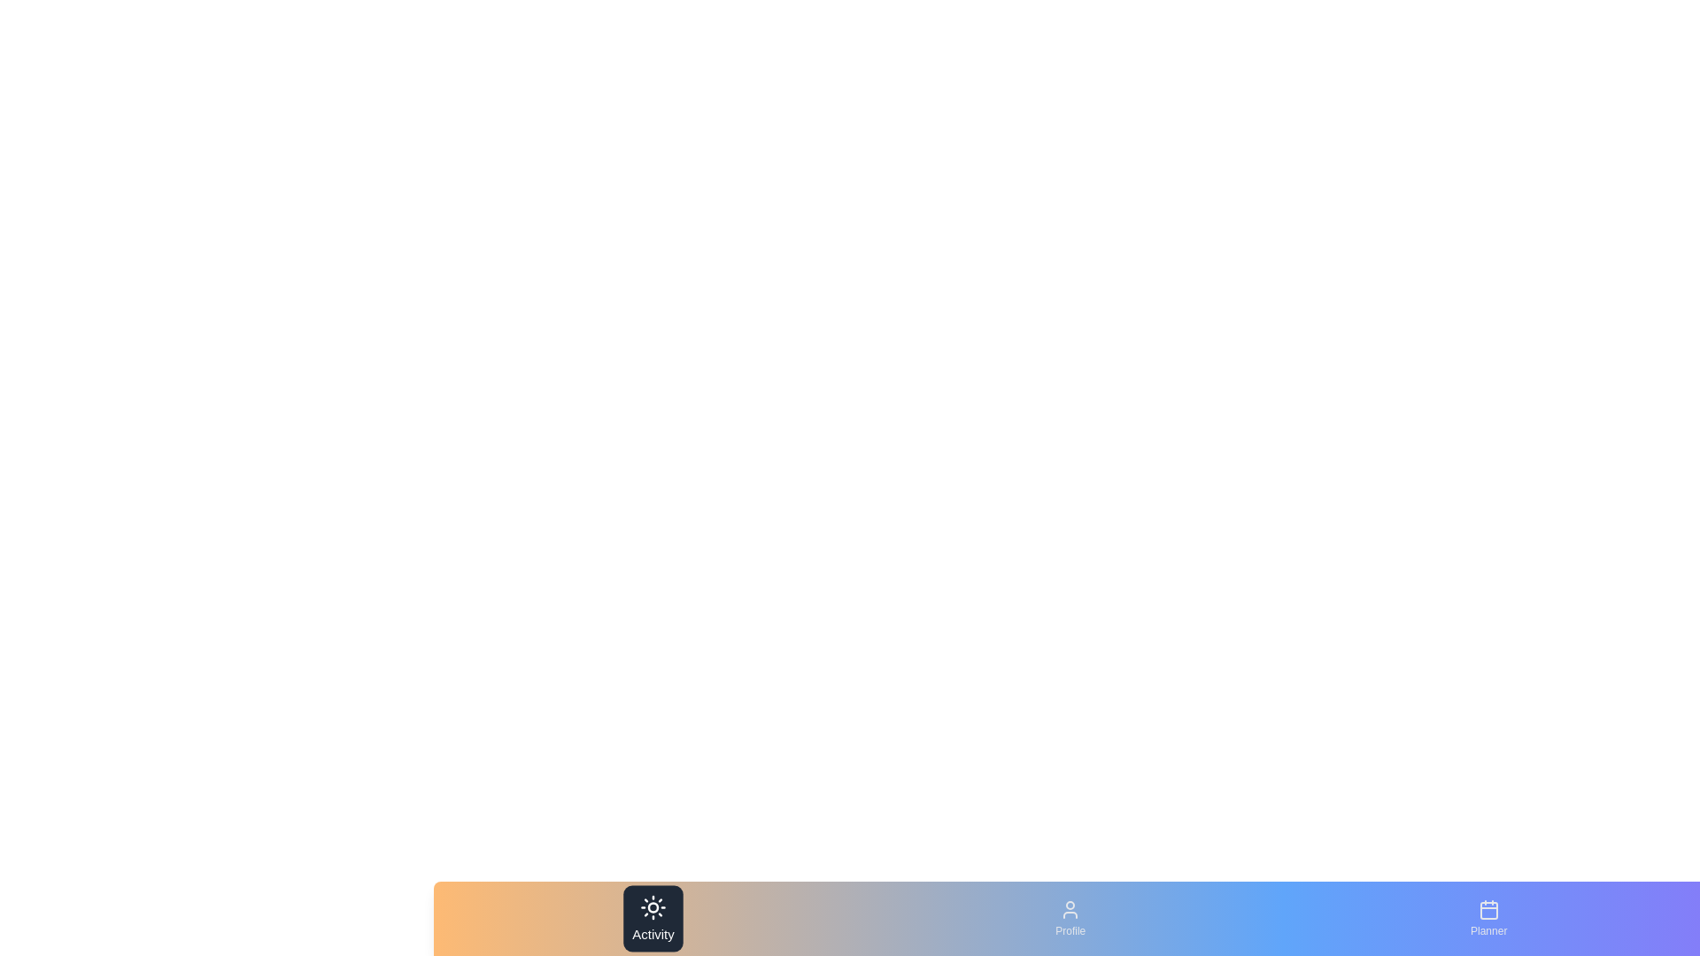 Image resolution: width=1700 pixels, height=956 pixels. Describe the element at coordinates (1070, 917) in the screenshot. I see `the tab labeled Profile` at that location.